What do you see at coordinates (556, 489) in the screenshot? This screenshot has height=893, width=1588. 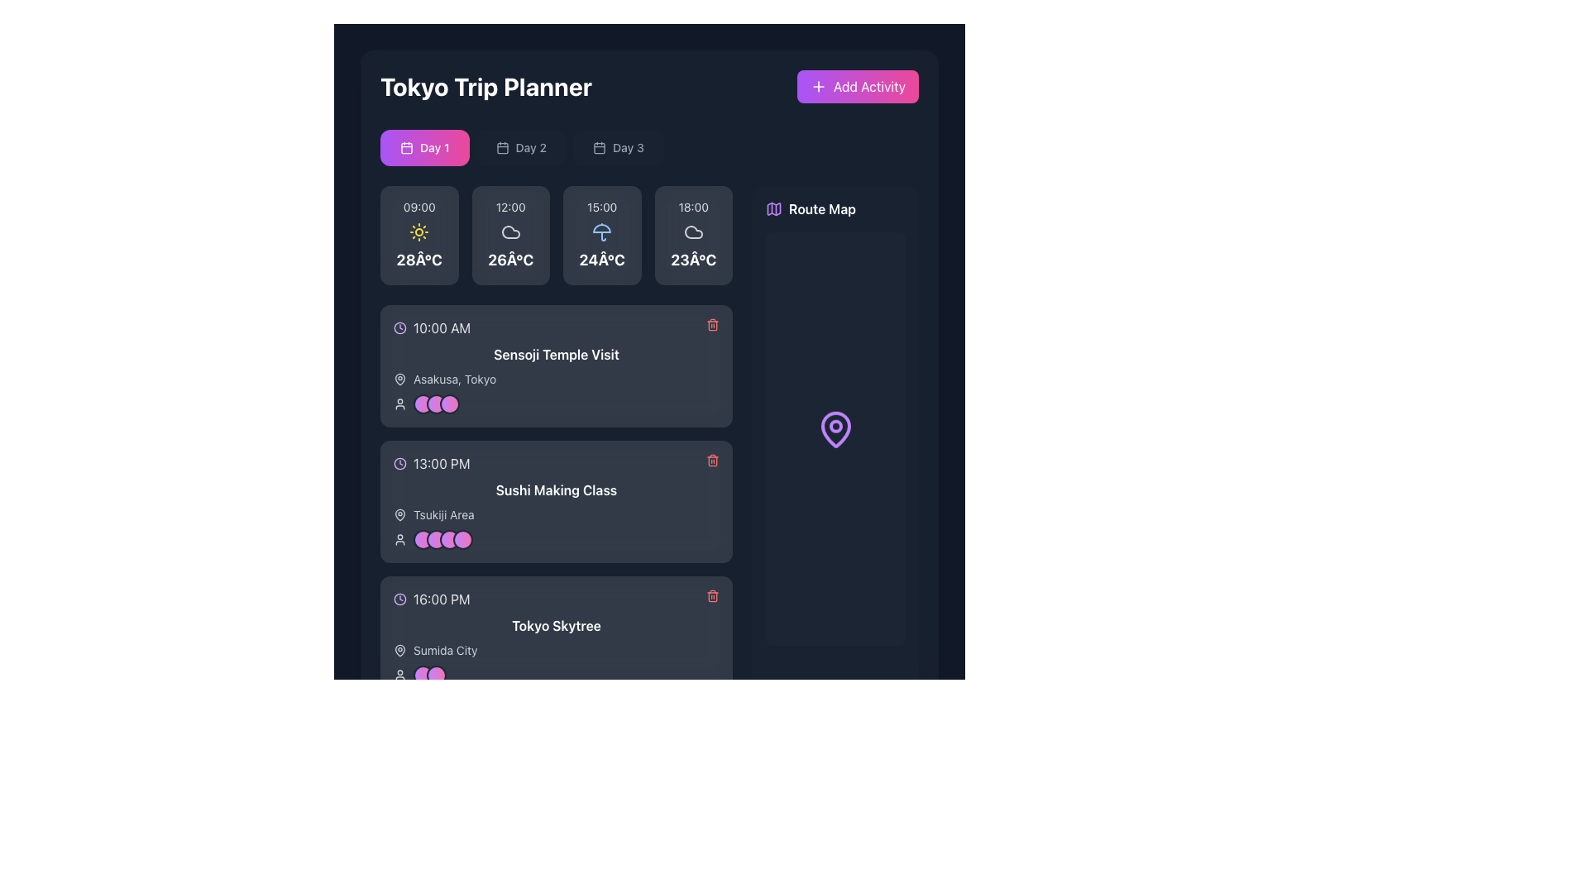 I see `text of the descriptive label situated in the activity card for '13:00 PM', located below the time and above the location 'Tsukiji Area'` at bounding box center [556, 489].